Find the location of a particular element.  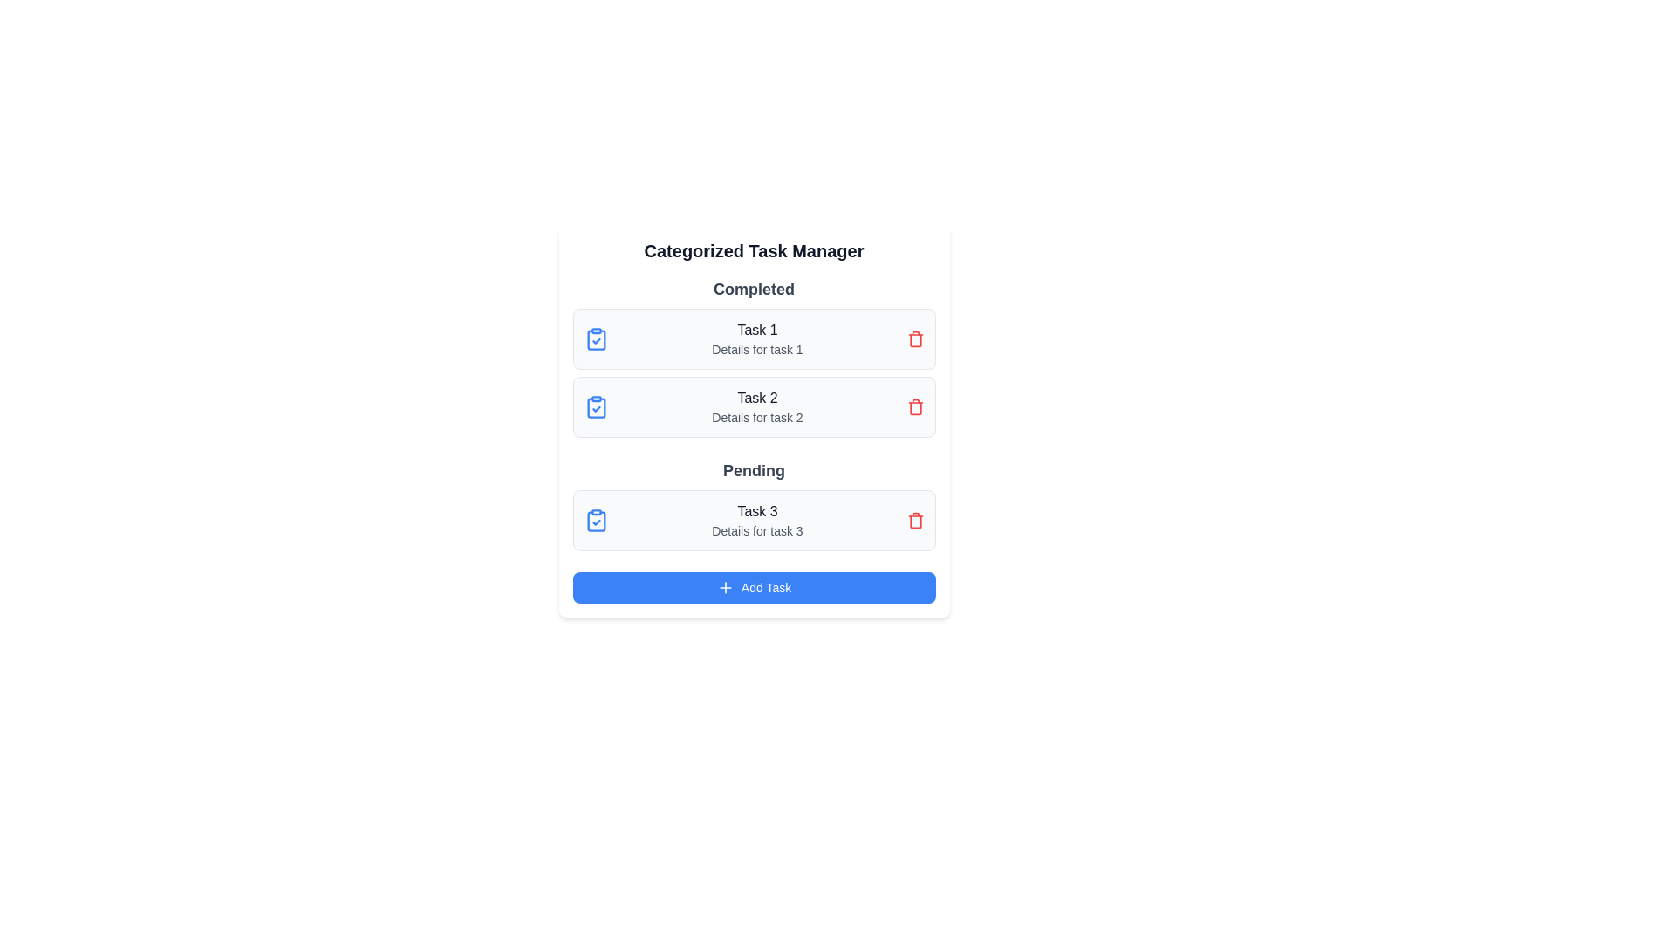

the delete icon next to Task 2 to remove it is located at coordinates (914, 406).